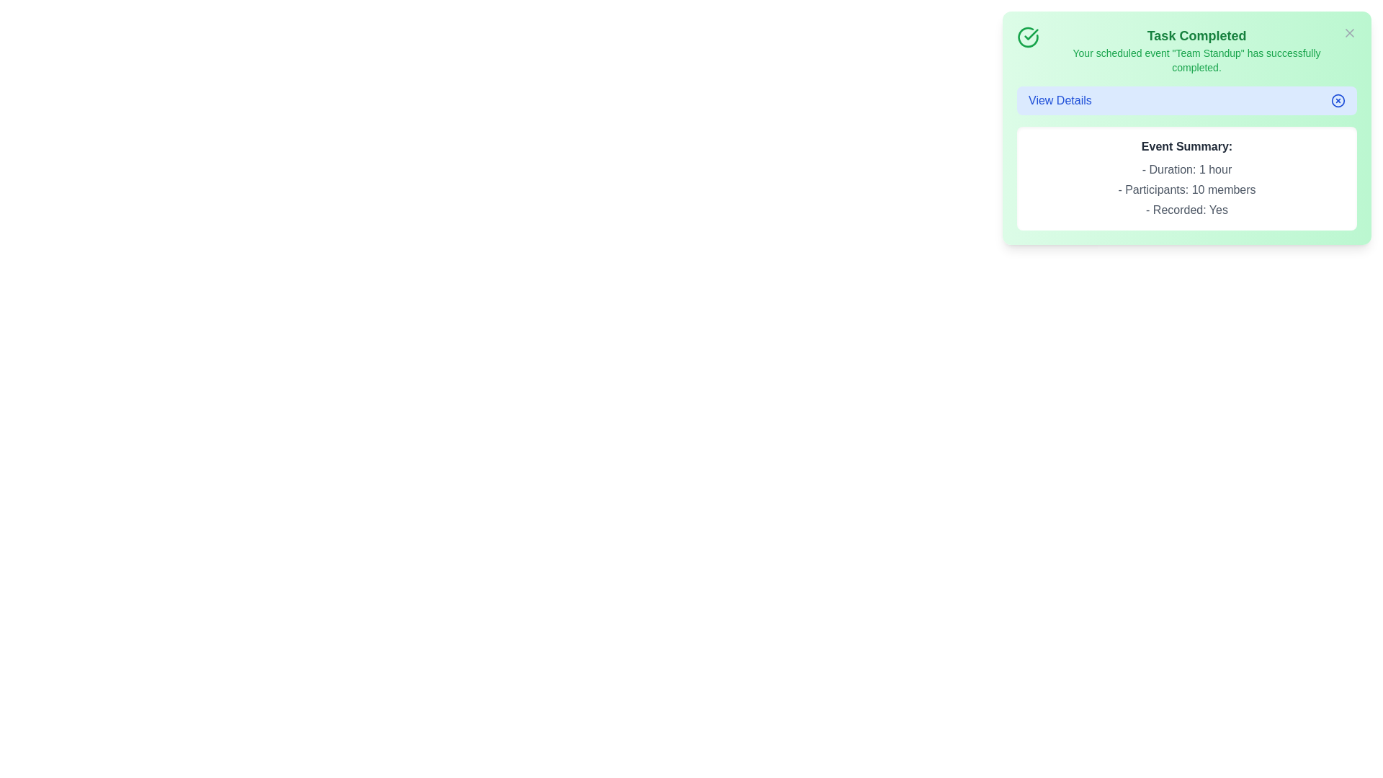 This screenshot has height=778, width=1383. What do you see at coordinates (1186, 127) in the screenshot?
I see `the notification area to reveal additional details` at bounding box center [1186, 127].